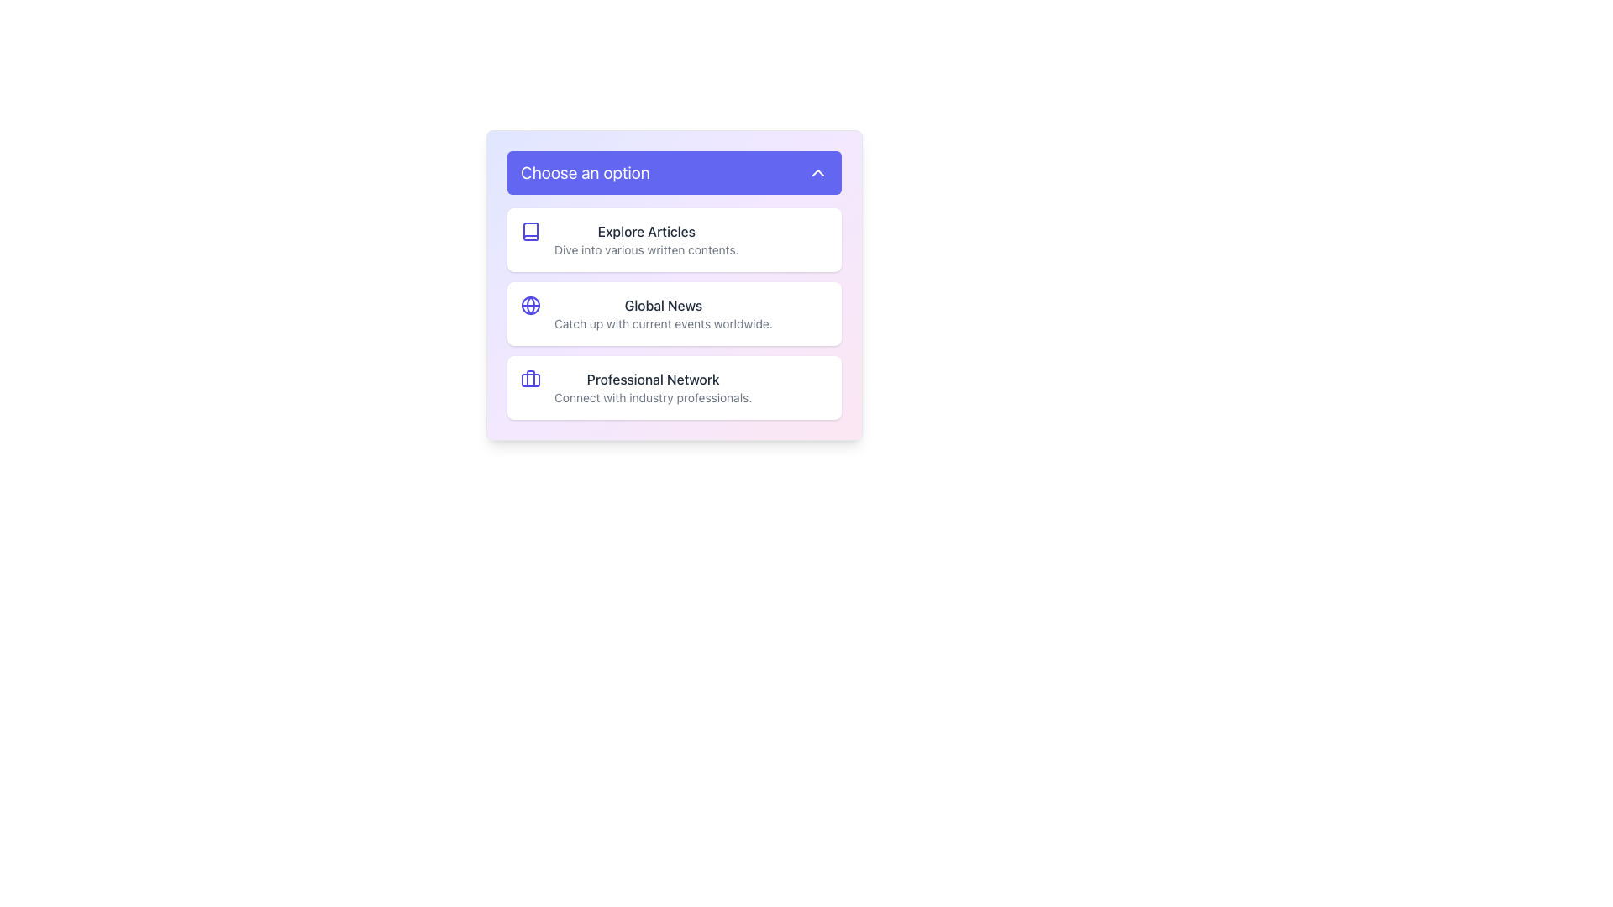 Image resolution: width=1613 pixels, height=907 pixels. Describe the element at coordinates (645, 239) in the screenshot. I see `the selectable text block that serves as an option directing users to a section or page featuring articles` at that location.